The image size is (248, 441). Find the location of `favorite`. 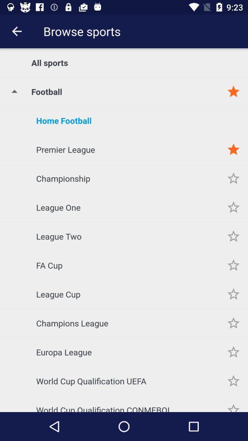

favorite is located at coordinates (233, 294).